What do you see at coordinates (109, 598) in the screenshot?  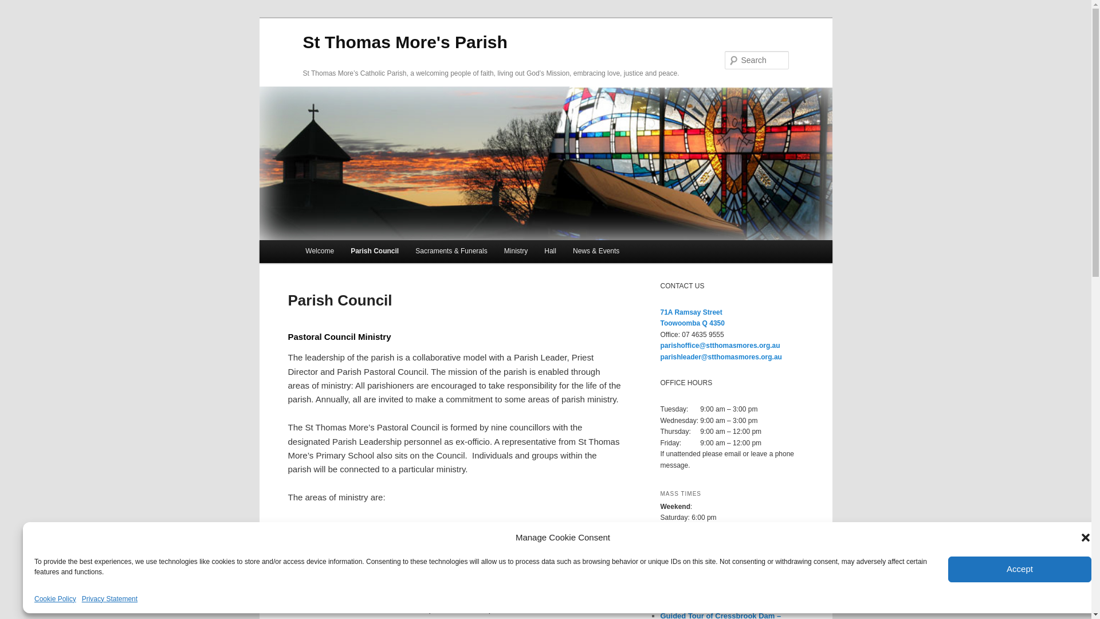 I see `'Privacy Statement'` at bounding box center [109, 598].